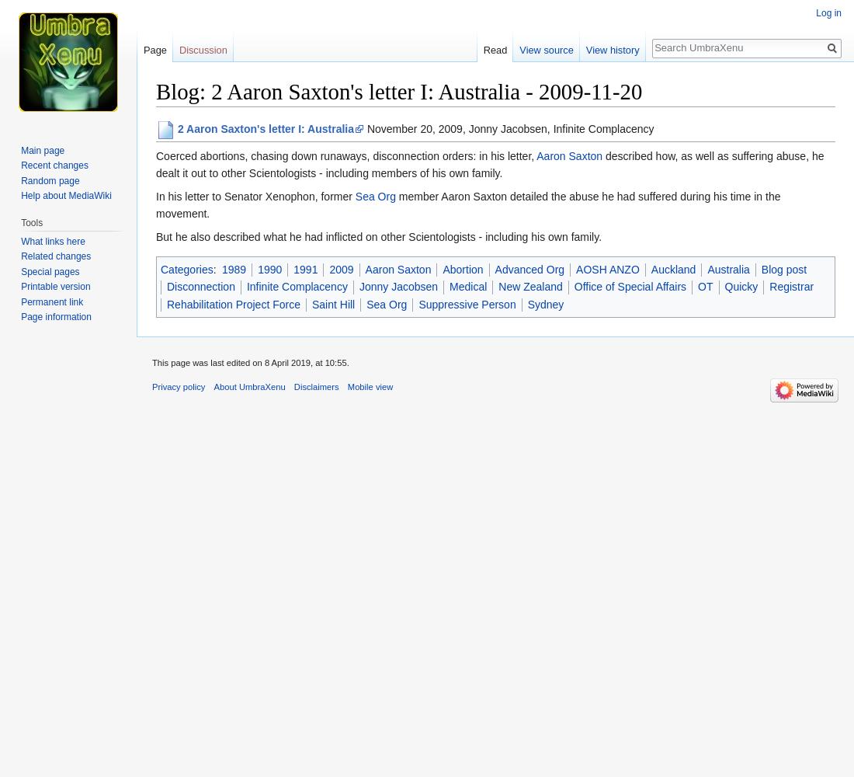 This screenshot has width=854, height=777. Describe the element at coordinates (672, 268) in the screenshot. I see `'Auckland'` at that location.